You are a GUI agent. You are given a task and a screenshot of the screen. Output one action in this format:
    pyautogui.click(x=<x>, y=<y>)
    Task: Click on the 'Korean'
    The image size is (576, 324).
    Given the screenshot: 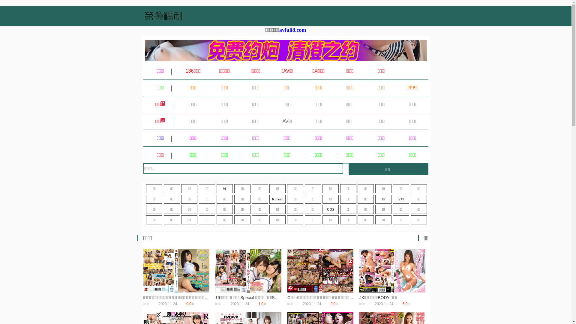 What is the action you would take?
    pyautogui.click(x=277, y=199)
    